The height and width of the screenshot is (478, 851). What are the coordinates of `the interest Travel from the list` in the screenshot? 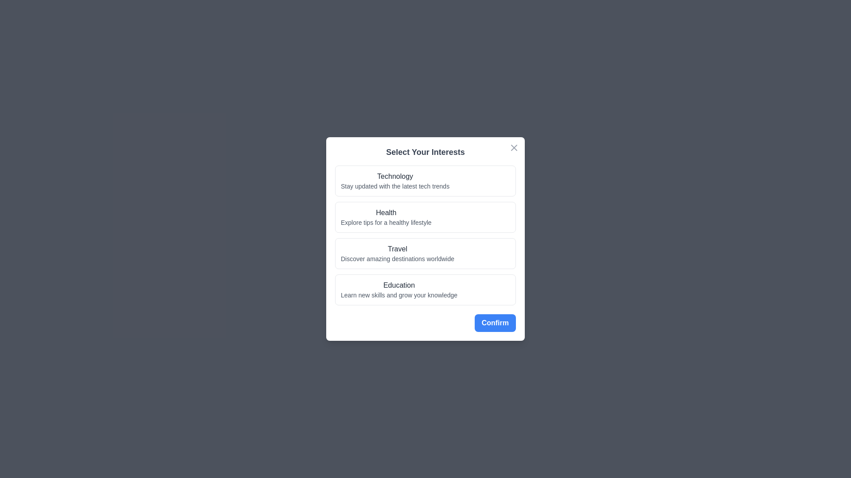 It's located at (425, 254).